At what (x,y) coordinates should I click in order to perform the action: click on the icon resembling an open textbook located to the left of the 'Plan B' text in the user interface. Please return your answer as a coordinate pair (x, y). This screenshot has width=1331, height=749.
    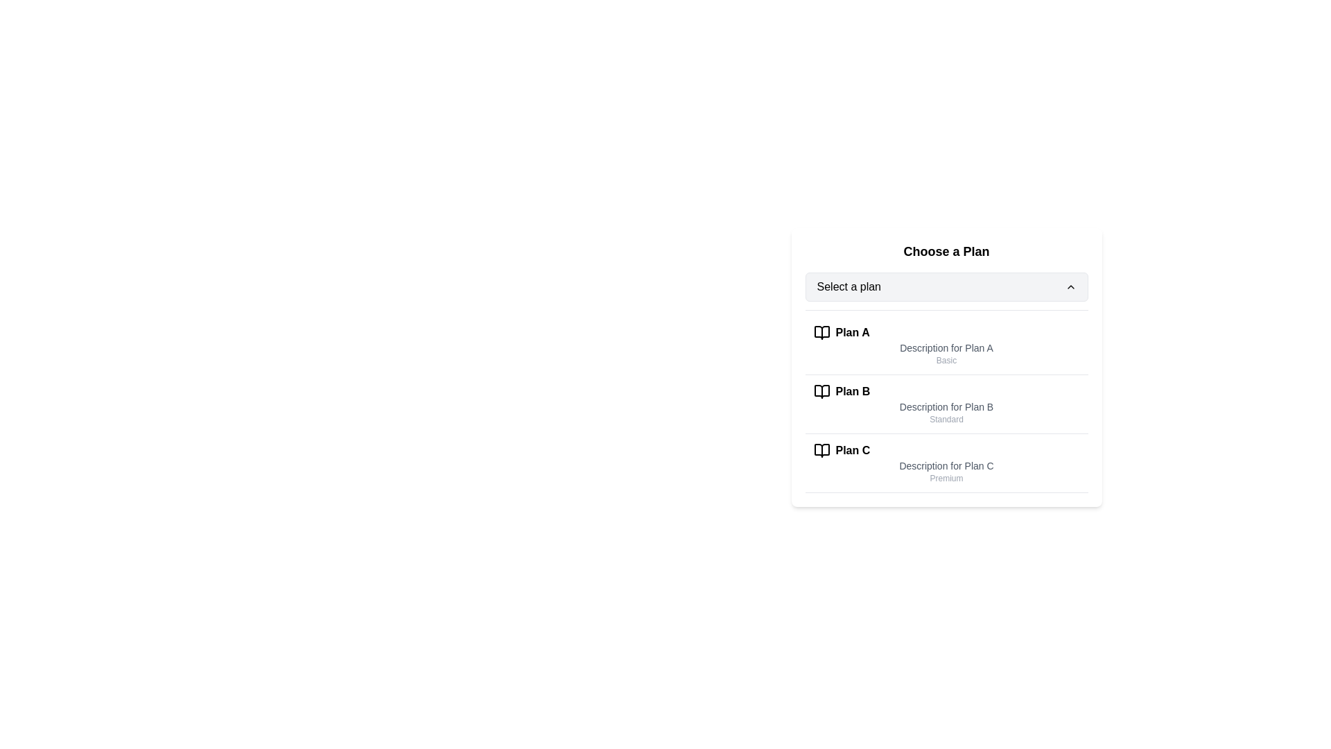
    Looking at the image, I should click on (821, 391).